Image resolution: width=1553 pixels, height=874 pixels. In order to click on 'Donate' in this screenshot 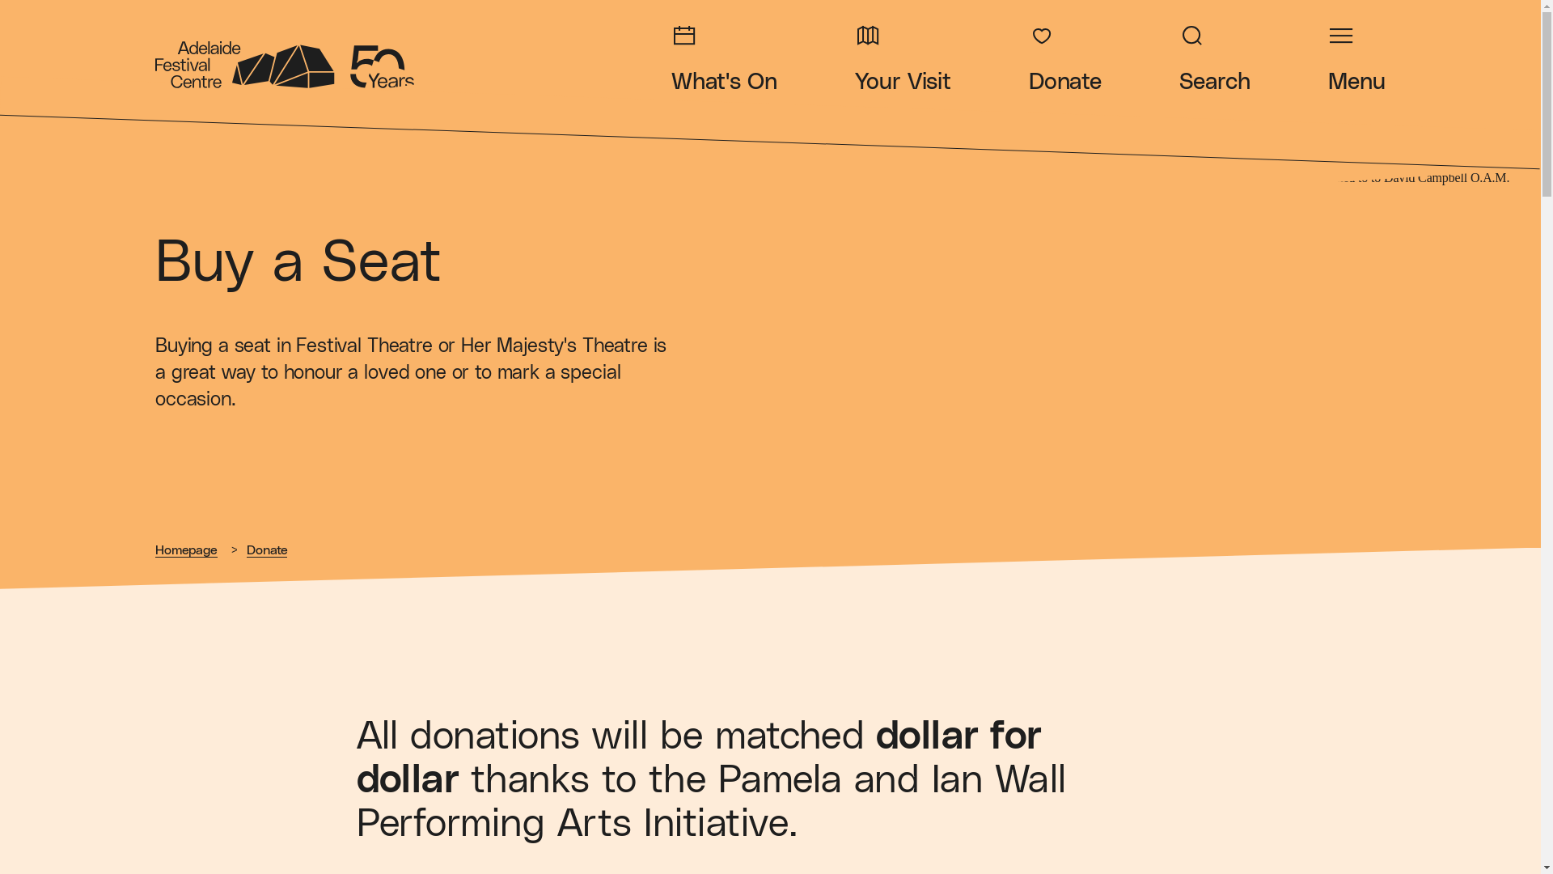, I will do `click(1028, 57)`.